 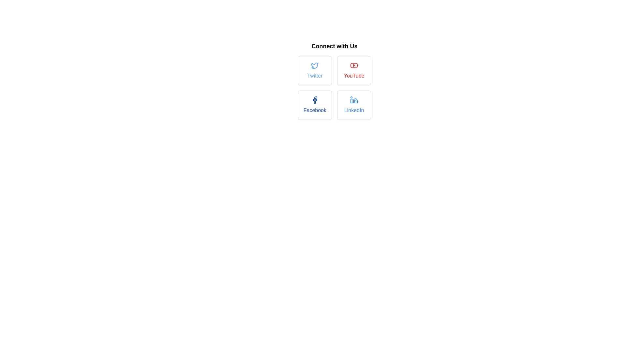 What do you see at coordinates (315, 75) in the screenshot?
I see `label text for the Twitter social media link located under the Twitter icon in the top-left quadrant of the grouped buttons` at bounding box center [315, 75].